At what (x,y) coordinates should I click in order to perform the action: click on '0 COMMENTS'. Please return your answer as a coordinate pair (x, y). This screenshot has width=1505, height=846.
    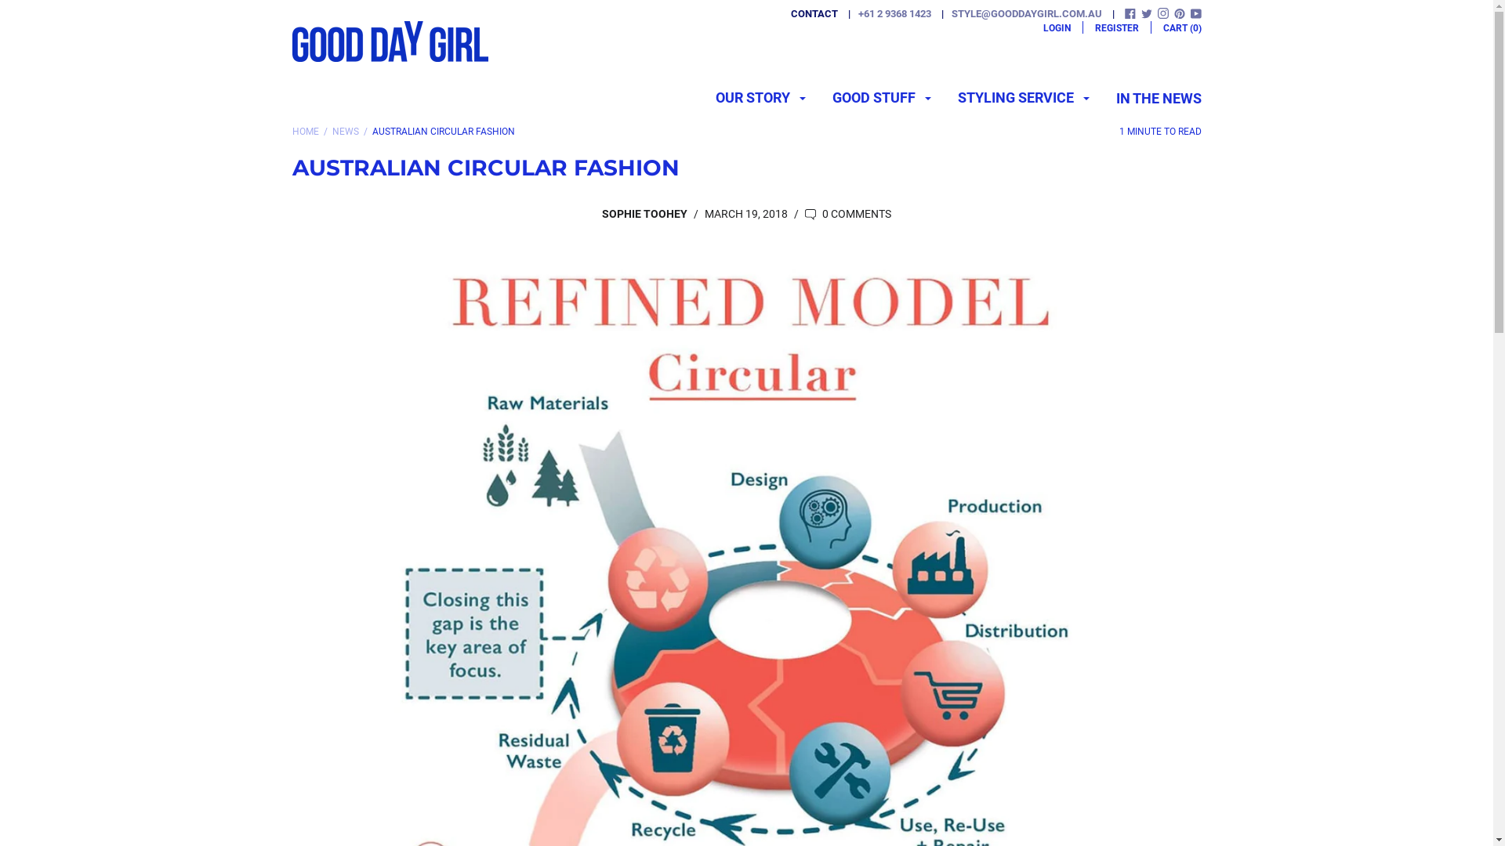
    Looking at the image, I should click on (847, 214).